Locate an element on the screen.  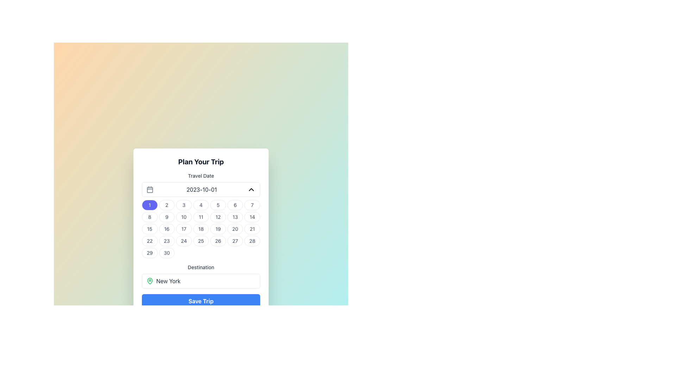
the circular button with the number '21' at its center for keyboard interaction is located at coordinates (252, 229).